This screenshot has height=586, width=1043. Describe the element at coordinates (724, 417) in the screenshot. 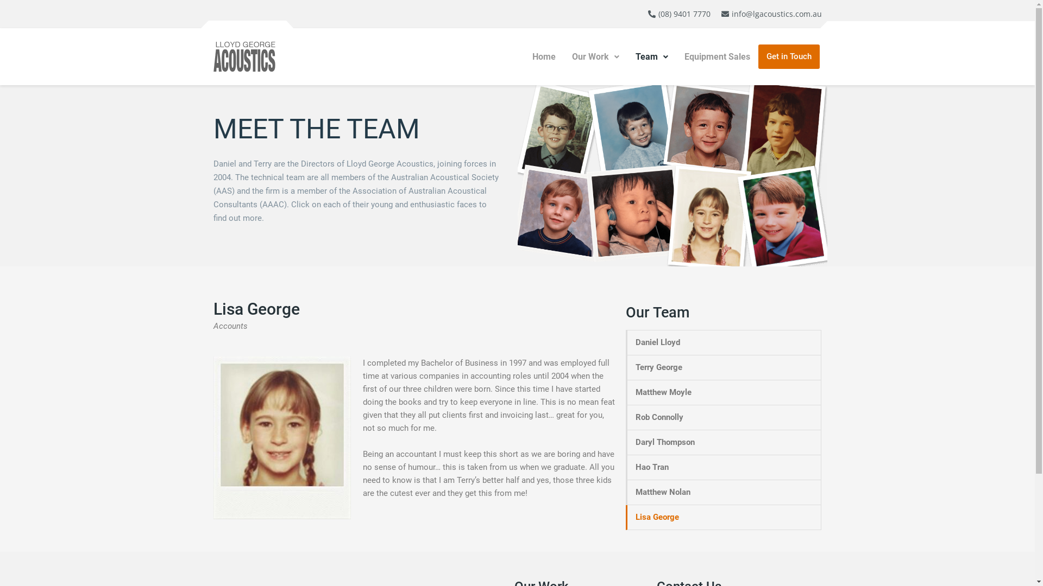

I see `'Rob Connolly'` at that location.